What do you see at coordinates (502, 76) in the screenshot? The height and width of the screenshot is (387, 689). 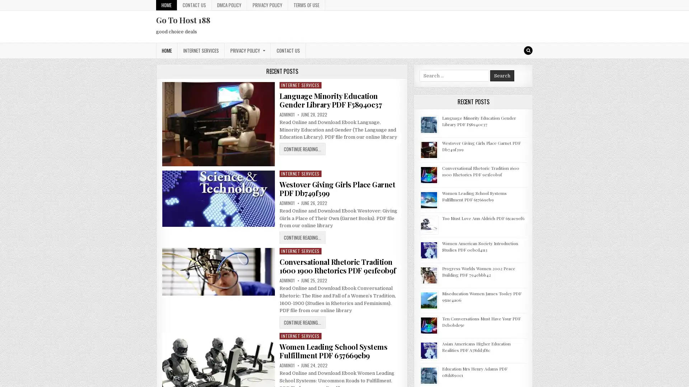 I see `Search` at bounding box center [502, 76].